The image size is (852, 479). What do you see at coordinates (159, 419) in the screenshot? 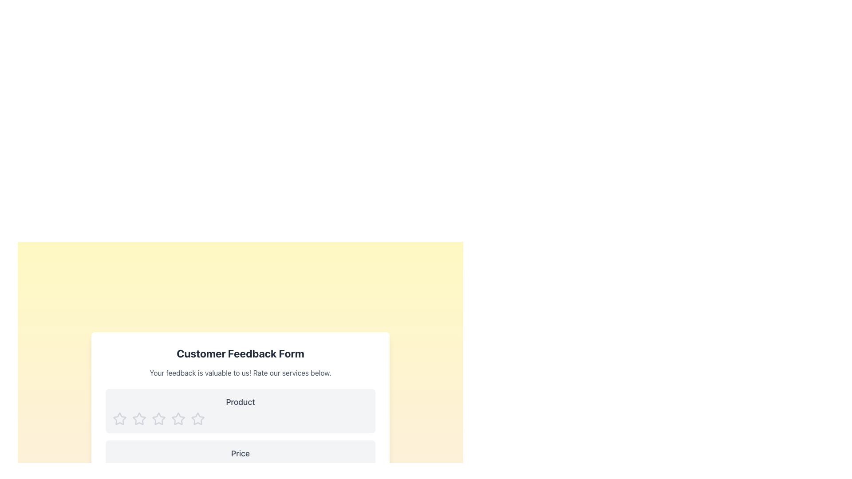
I see `the second star in the row of five rating stars for the 'Product' feedback component` at bounding box center [159, 419].